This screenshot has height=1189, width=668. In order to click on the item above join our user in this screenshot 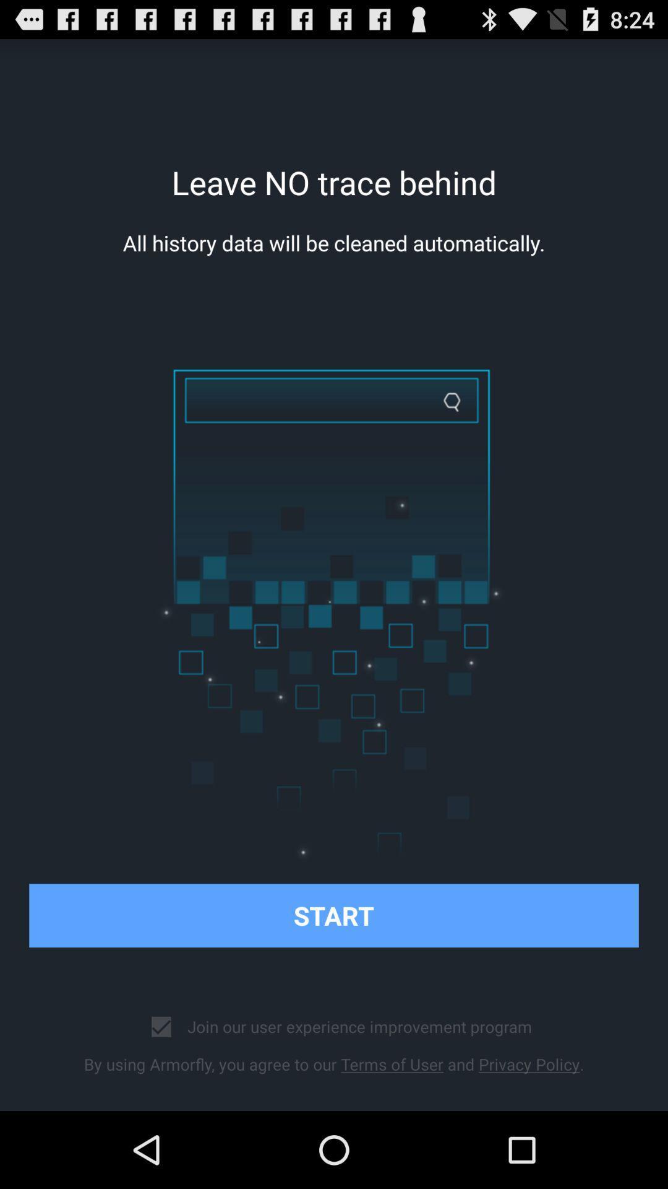, I will do `click(334, 915)`.